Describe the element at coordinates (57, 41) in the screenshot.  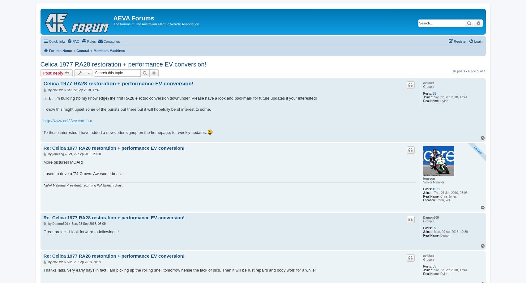
I see `'Quick links'` at that location.